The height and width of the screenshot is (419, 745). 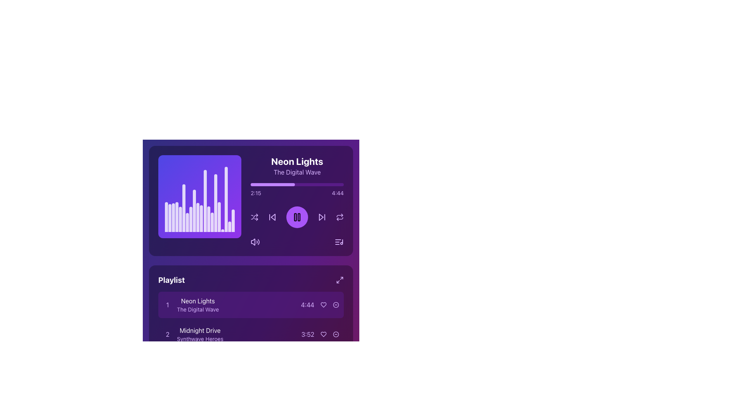 I want to click on the text label that provides supplementary information about the song or artist, located below the 'Neon Lights' text within the playlist entry row, so click(x=198, y=309).